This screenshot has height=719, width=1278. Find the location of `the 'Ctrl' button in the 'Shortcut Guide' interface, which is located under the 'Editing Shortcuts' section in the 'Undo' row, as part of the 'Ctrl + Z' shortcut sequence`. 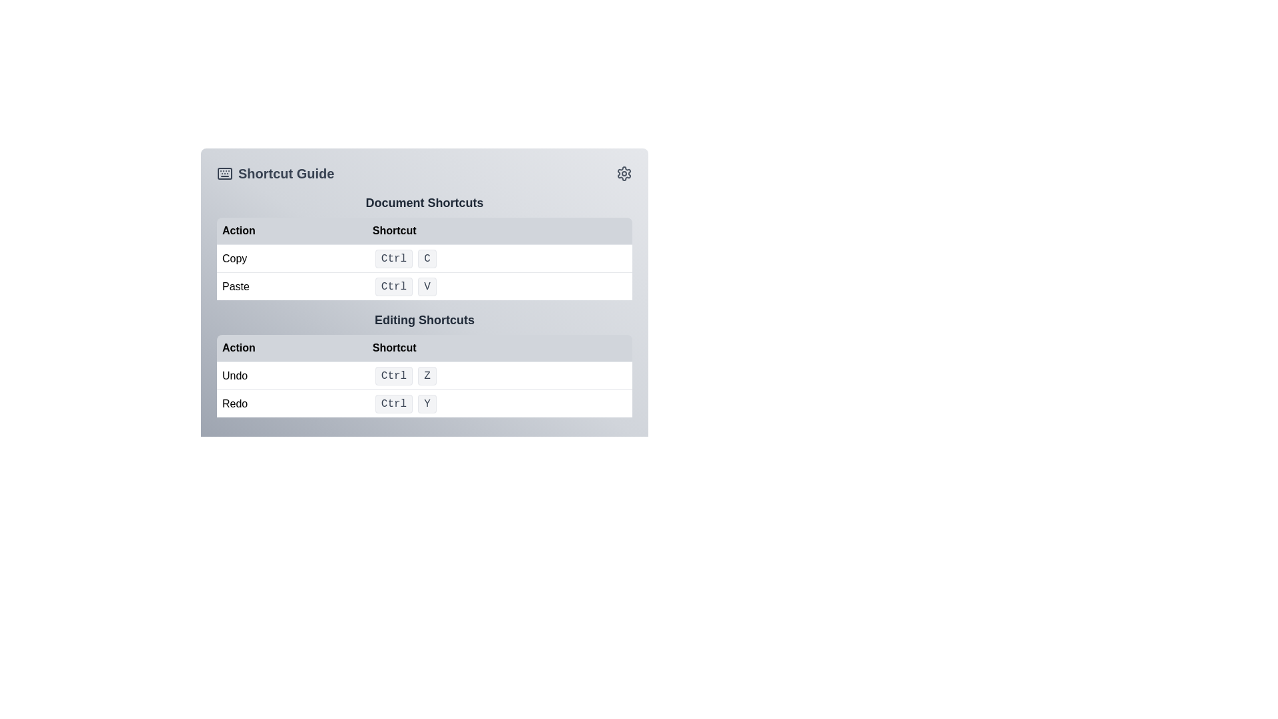

the 'Ctrl' button in the 'Shortcut Guide' interface, which is located under the 'Editing Shortcuts' section in the 'Undo' row, as part of the 'Ctrl + Z' shortcut sequence is located at coordinates (393, 375).